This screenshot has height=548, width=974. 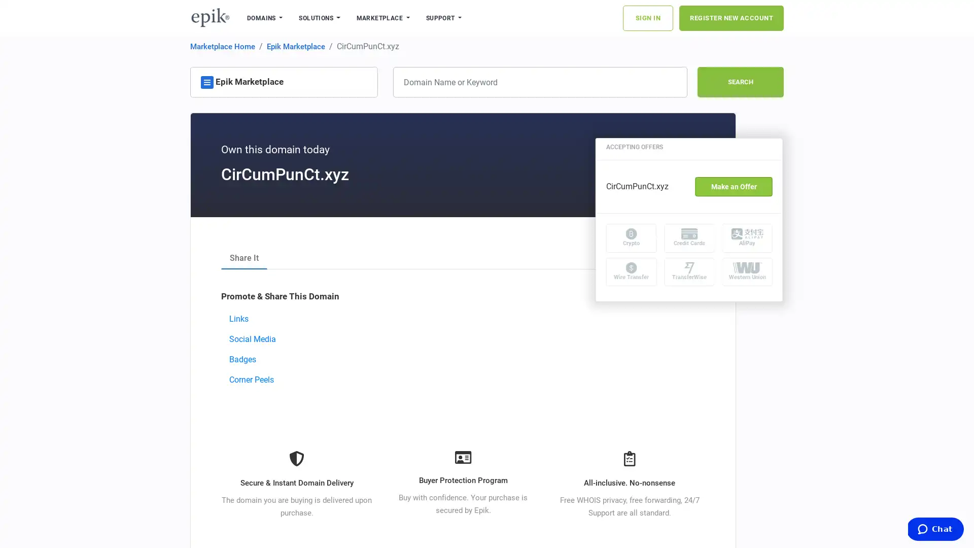 What do you see at coordinates (740, 82) in the screenshot?
I see `SEARCH` at bounding box center [740, 82].